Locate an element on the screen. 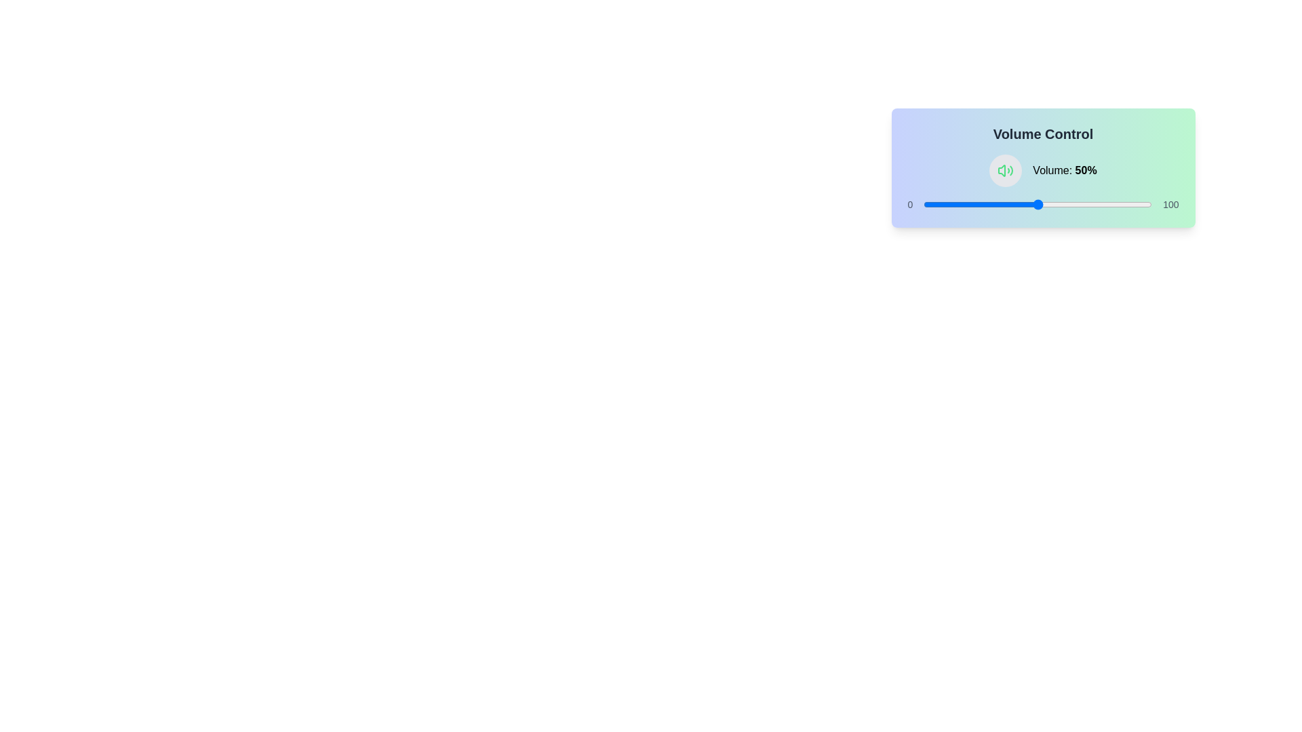 The image size is (1302, 732). the volume slider to set the volume to 6% is located at coordinates (936, 204).